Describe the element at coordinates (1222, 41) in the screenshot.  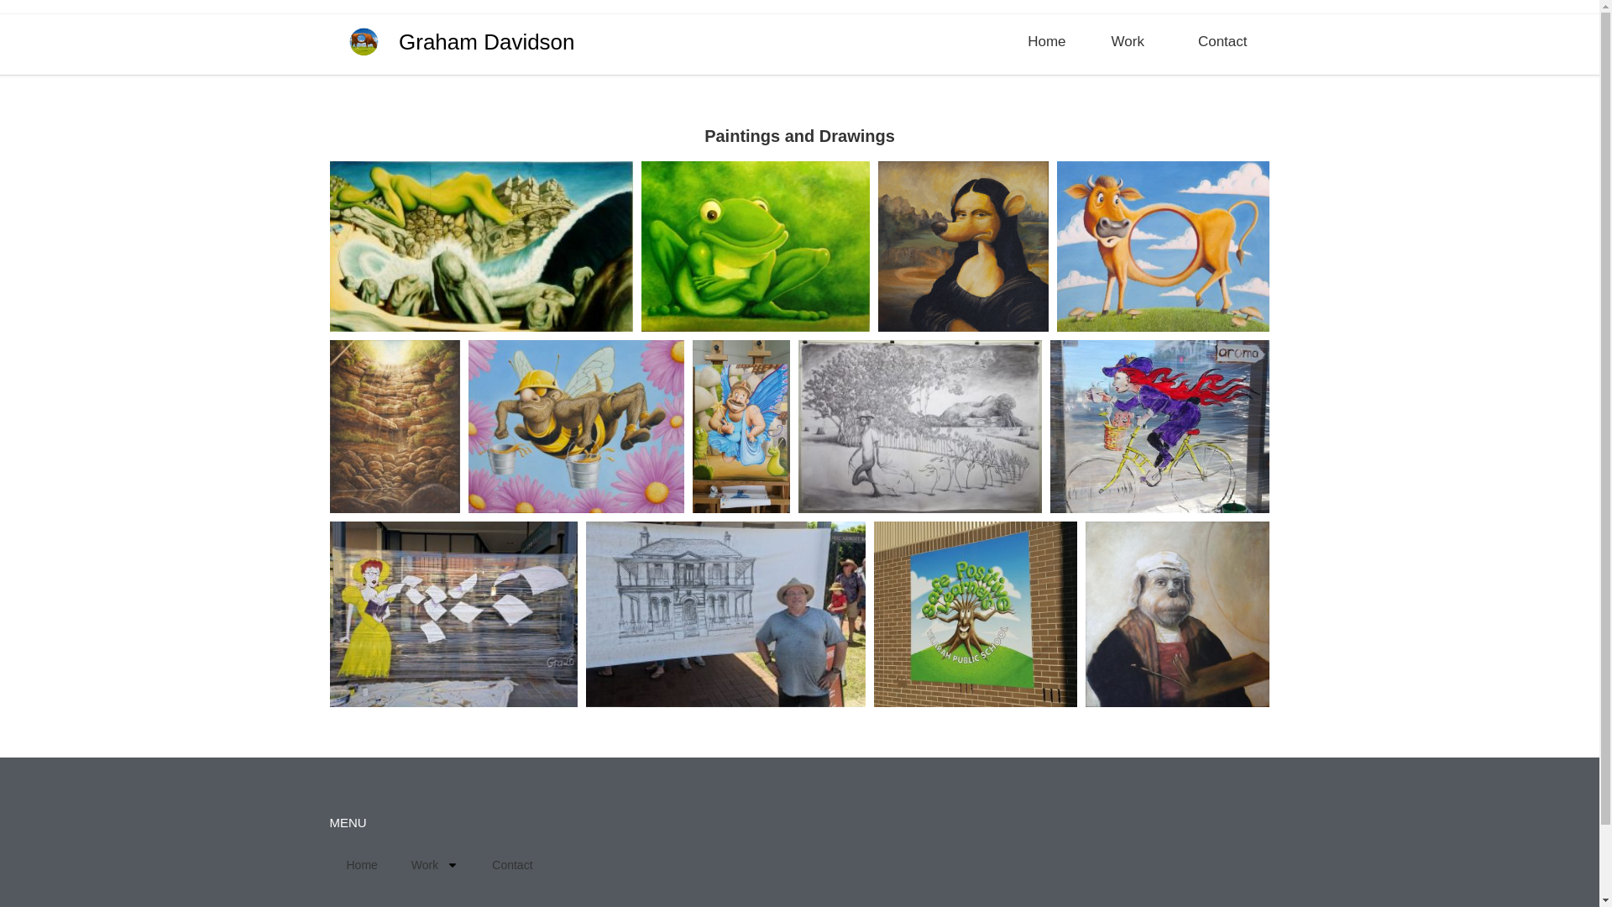
I see `'Contact'` at that location.